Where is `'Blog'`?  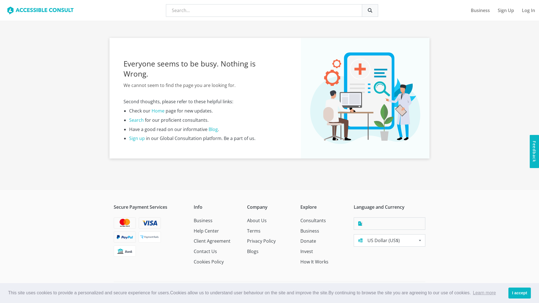
'Blog' is located at coordinates (213, 129).